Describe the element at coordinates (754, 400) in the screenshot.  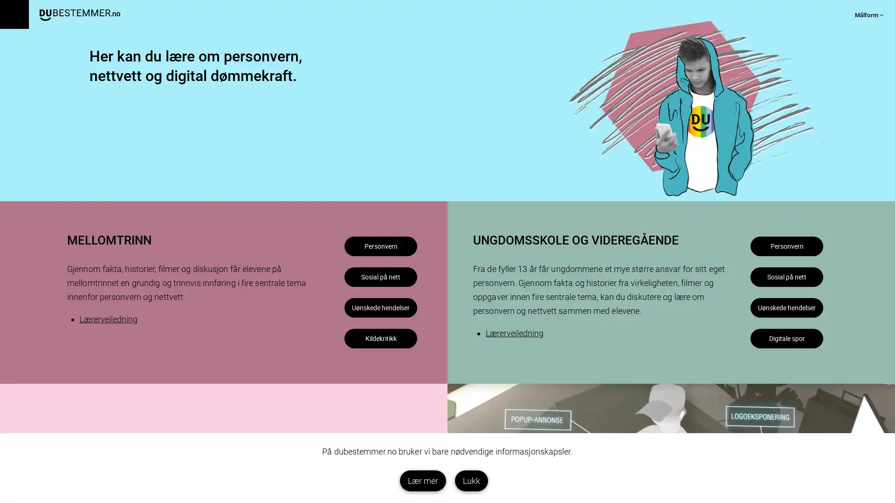
I see `Digitale spor` at that location.